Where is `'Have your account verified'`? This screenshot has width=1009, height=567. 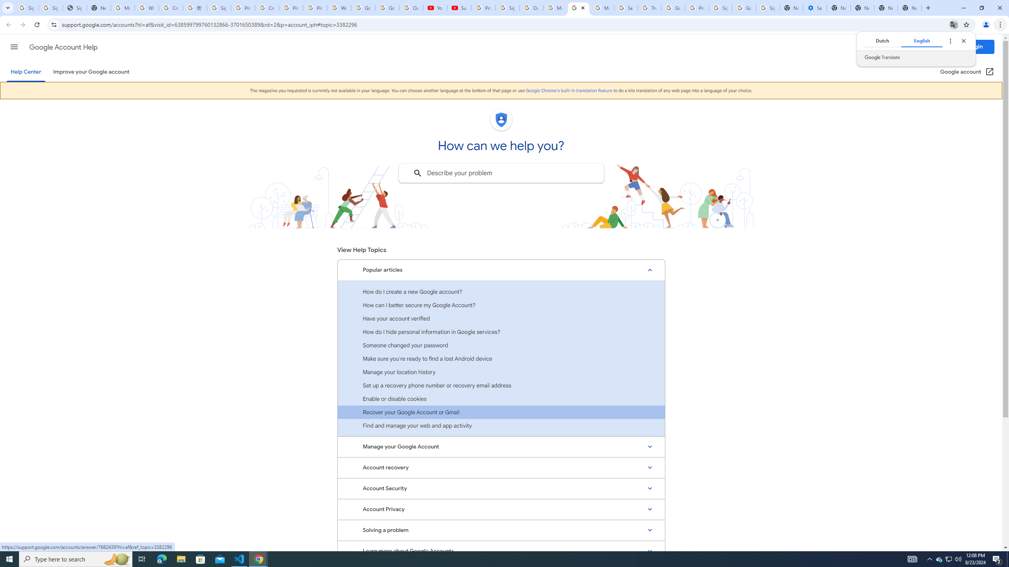
'Have your account verified' is located at coordinates (501, 318).